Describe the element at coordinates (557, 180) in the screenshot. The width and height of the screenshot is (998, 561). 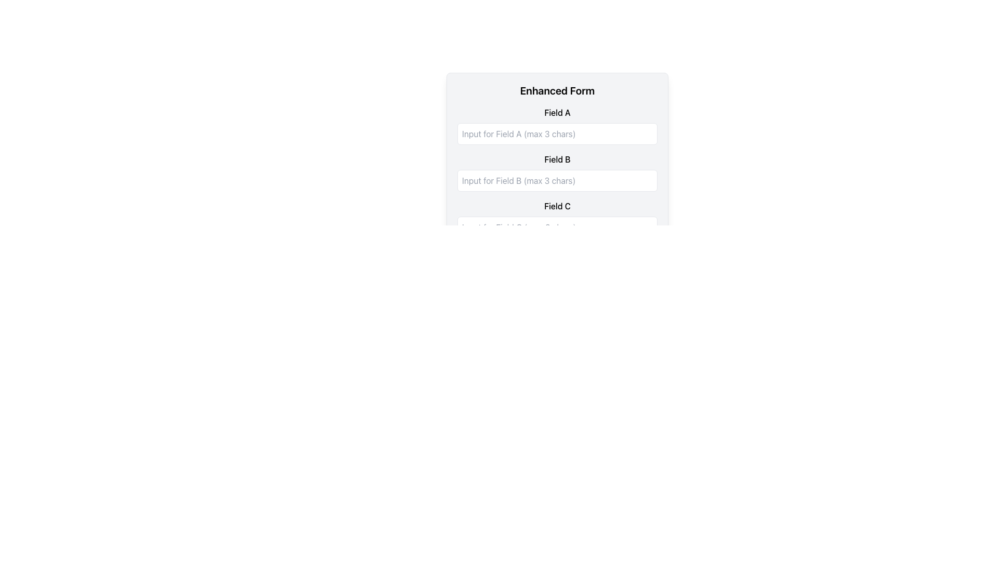
I see `the text input field with a light gray border and a white background, which has a placeholder 'Input for Field B (max 3 chars)', by pressing the tab key` at that location.